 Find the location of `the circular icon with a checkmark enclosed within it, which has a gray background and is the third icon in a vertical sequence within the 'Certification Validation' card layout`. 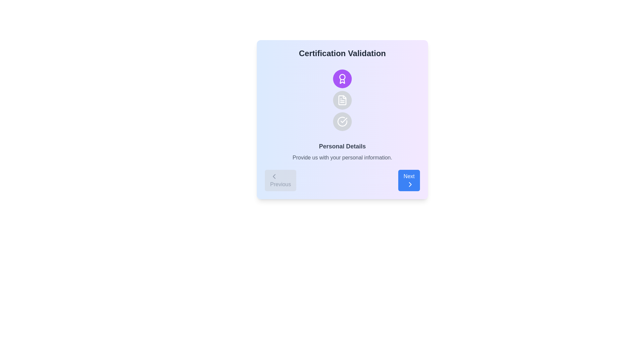

the circular icon with a checkmark enclosed within it, which has a gray background and is the third icon in a vertical sequence within the 'Certification Validation' card layout is located at coordinates (342, 121).